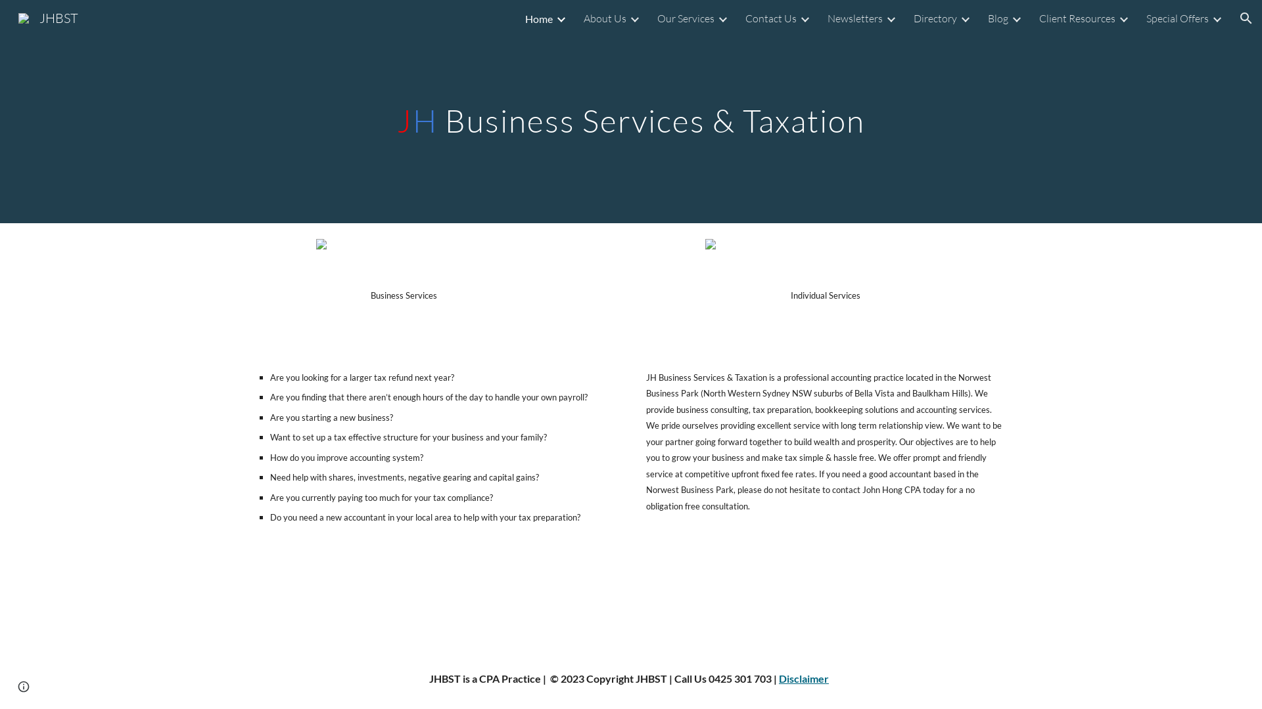 The height and width of the screenshot is (709, 1262). I want to click on 'Expand/Collapse', so click(561, 18).